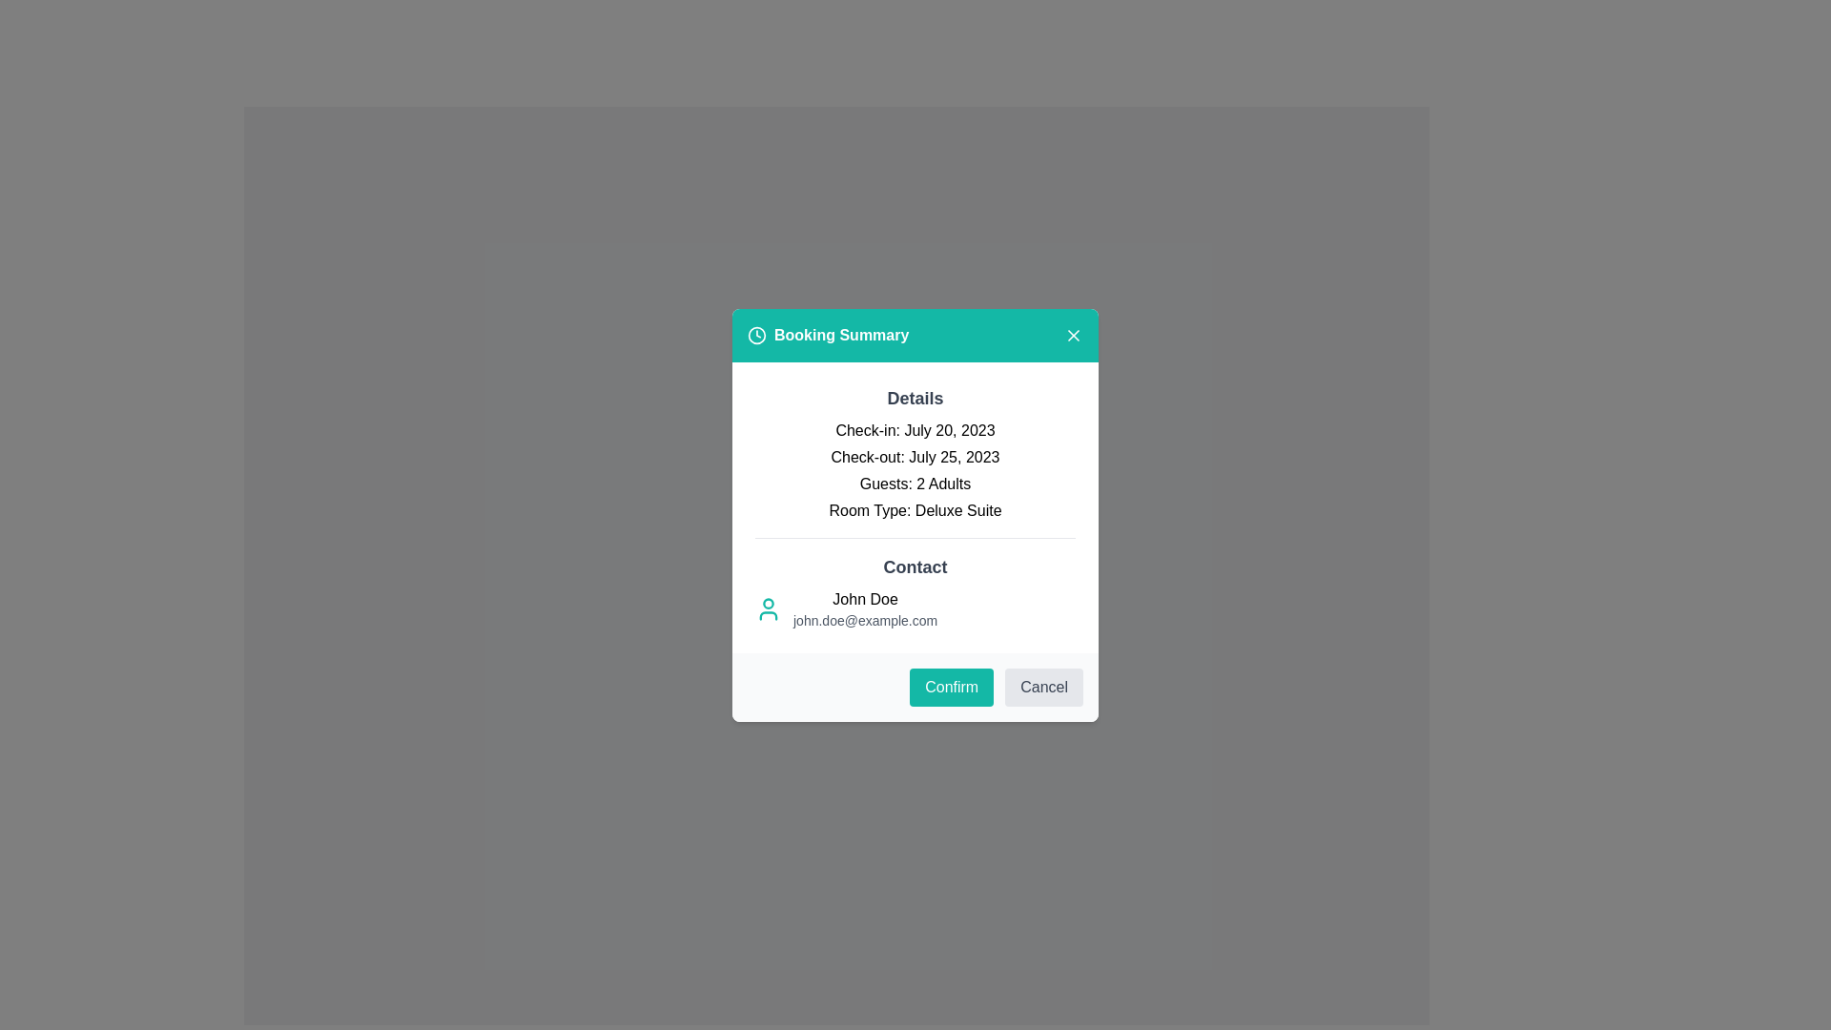 The width and height of the screenshot is (1831, 1030). Describe the element at coordinates (915, 430) in the screenshot. I see `the non-interactive text label displaying the check-in date for a booking, which is the first item under the 'Details' section in the modal window` at that location.